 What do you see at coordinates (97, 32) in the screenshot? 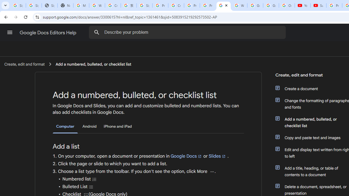
I see `'Search the Help Center'` at bounding box center [97, 32].